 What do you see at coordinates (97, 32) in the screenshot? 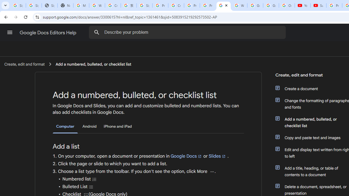
I see `'Search the Help Center'` at bounding box center [97, 32].